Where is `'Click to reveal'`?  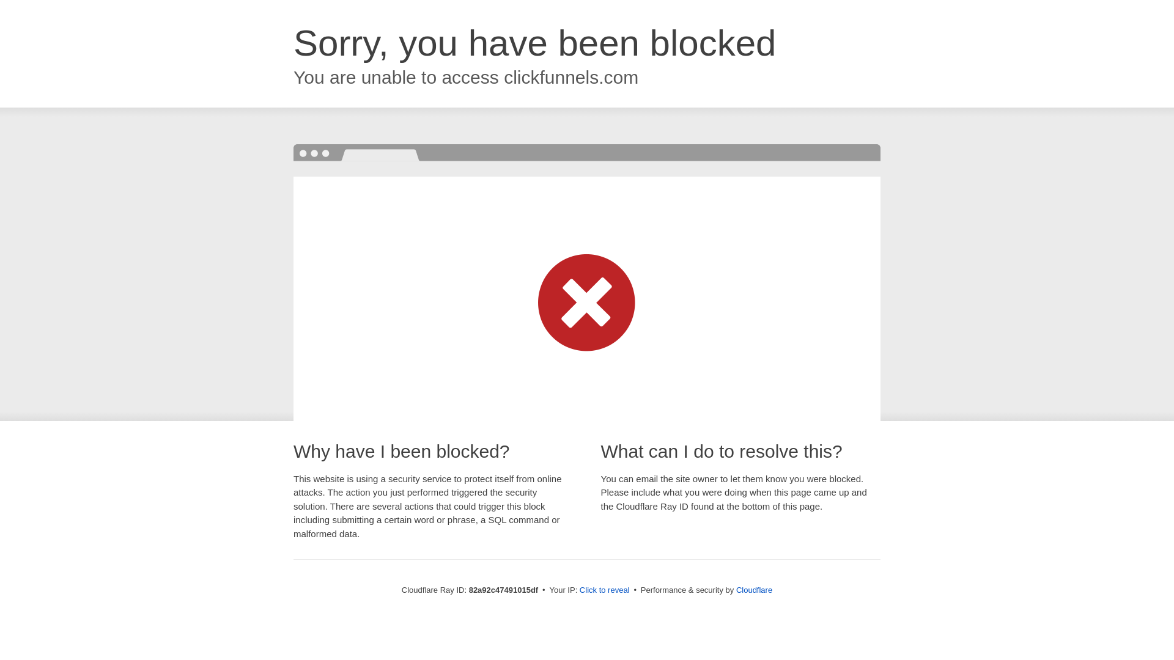
'Click to reveal' is located at coordinates (579, 589).